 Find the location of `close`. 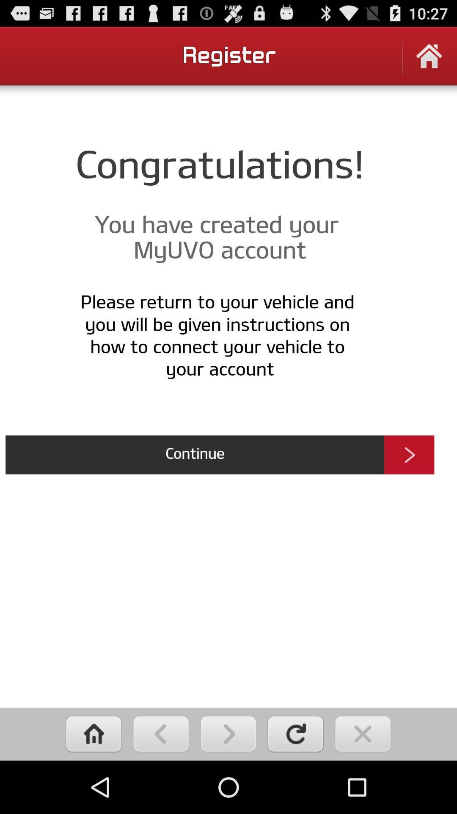

close is located at coordinates (362, 733).